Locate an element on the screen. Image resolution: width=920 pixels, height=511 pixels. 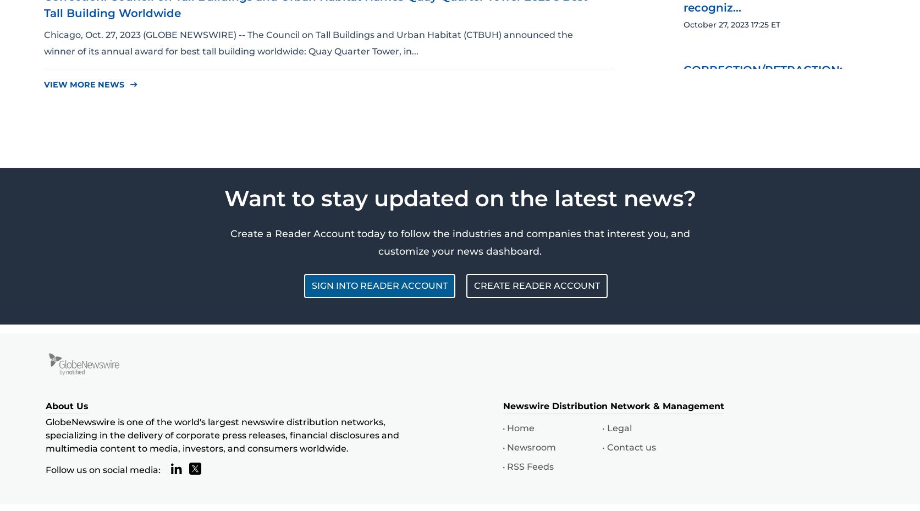
'CORRECTION/RETRACTION: New to The Street Announces...' is located at coordinates (762, 86).